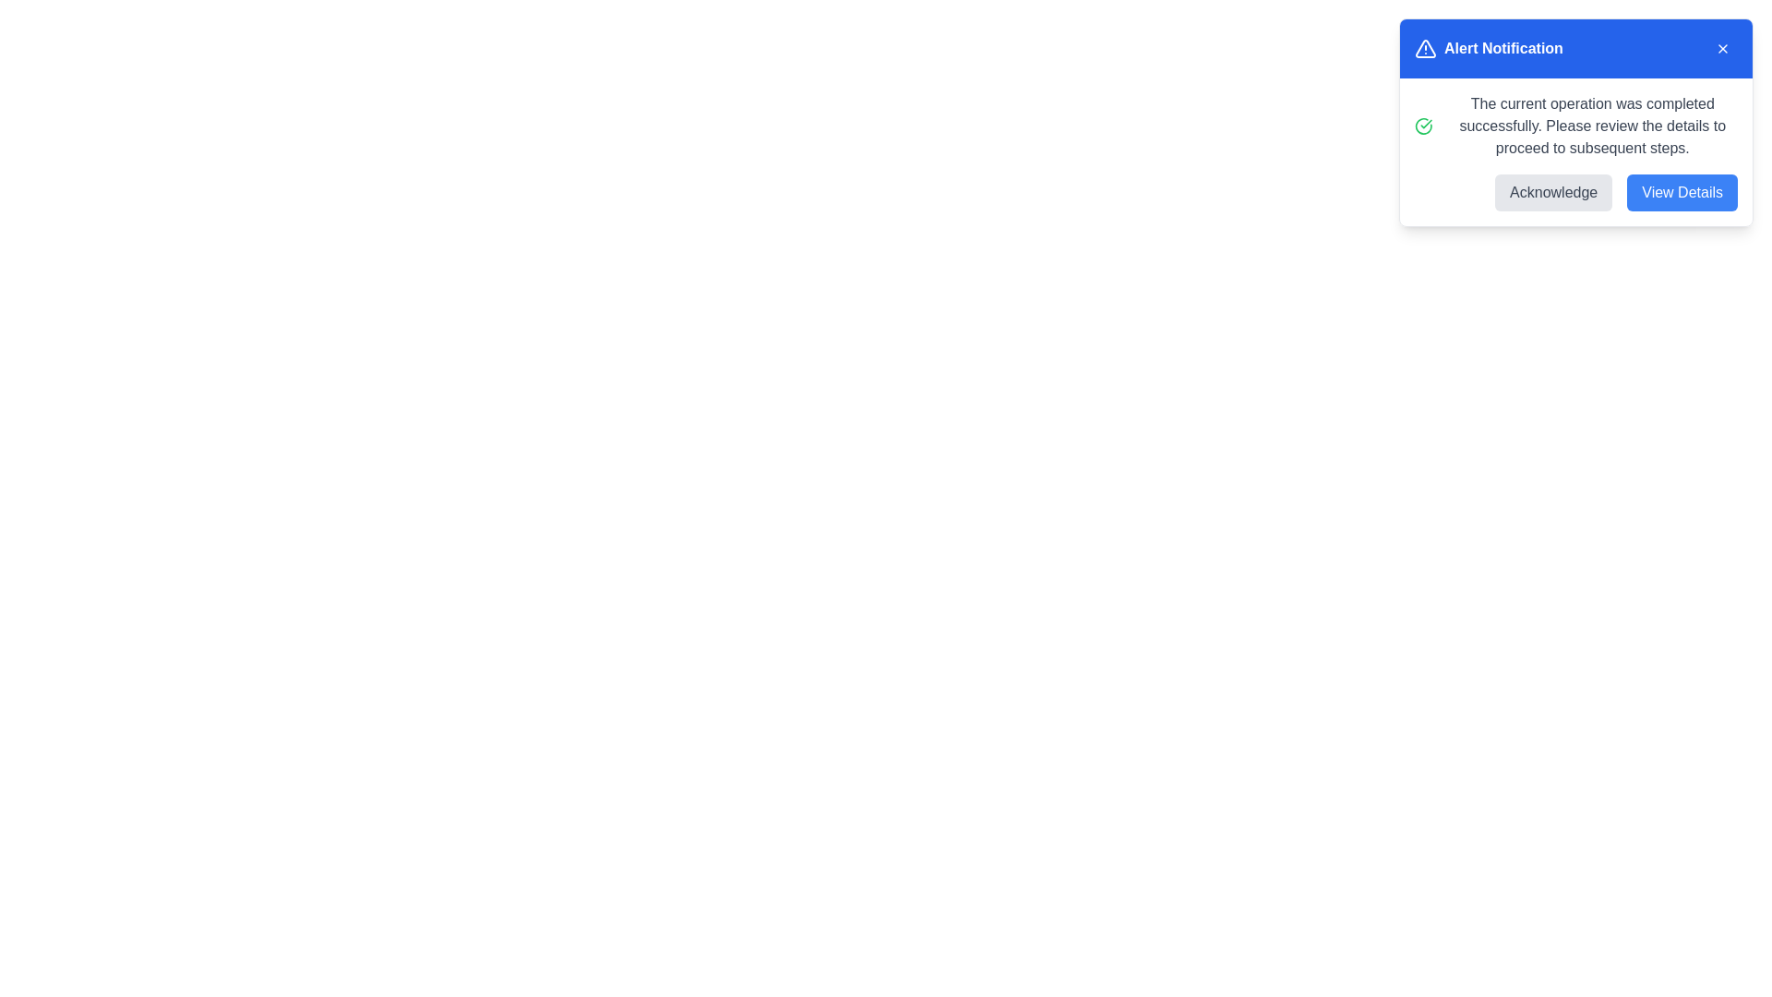  Describe the element at coordinates (1552, 192) in the screenshot. I see `the 'Acknowledge' button, which is a light gray rectangular button with rounded edges and the text 'Acknowledge' in dark gray, located in the bottom-right corner of the alert notification dialog box, to observe its hover effects` at that location.